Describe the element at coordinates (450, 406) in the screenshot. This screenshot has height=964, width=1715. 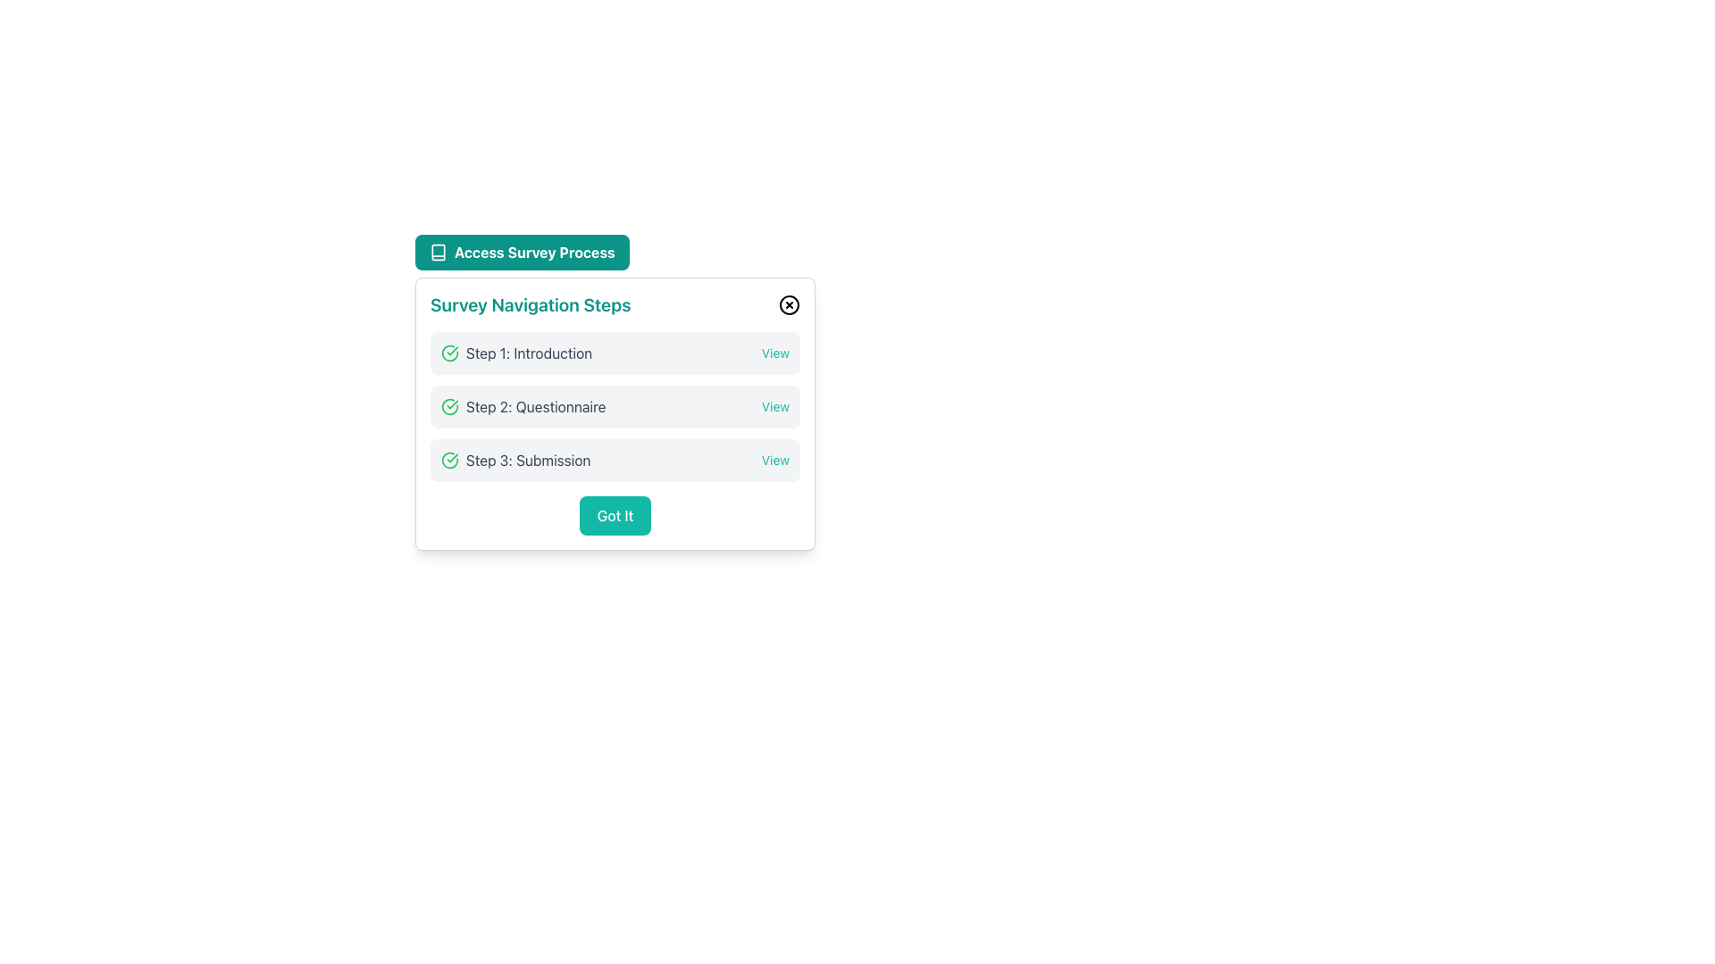
I see `the circular icon forming part of the green check mark in the second step of the survey navigation steps, which symbolizes completion` at that location.